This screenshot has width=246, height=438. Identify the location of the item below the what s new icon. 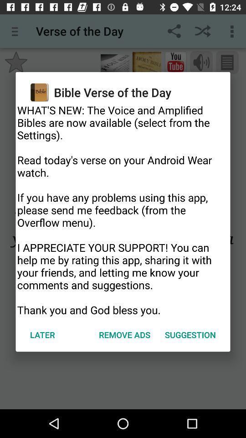
(124, 334).